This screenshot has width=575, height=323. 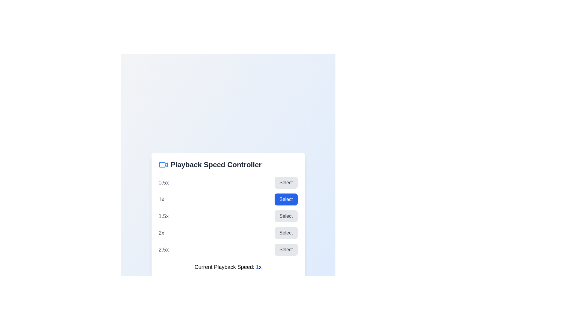 What do you see at coordinates (164, 182) in the screenshot?
I see `the text label indicating a playback speed option of '0.5x' located under the 'Playback Speed Controller' header` at bounding box center [164, 182].